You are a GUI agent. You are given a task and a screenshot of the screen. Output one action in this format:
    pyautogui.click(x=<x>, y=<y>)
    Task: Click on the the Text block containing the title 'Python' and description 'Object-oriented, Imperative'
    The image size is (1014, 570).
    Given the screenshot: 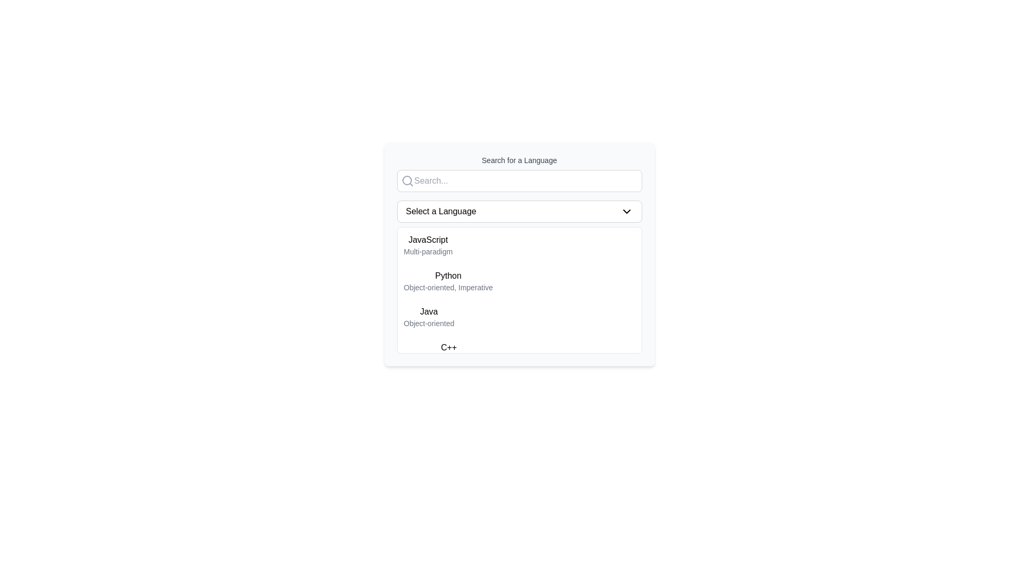 What is the action you would take?
    pyautogui.click(x=448, y=280)
    